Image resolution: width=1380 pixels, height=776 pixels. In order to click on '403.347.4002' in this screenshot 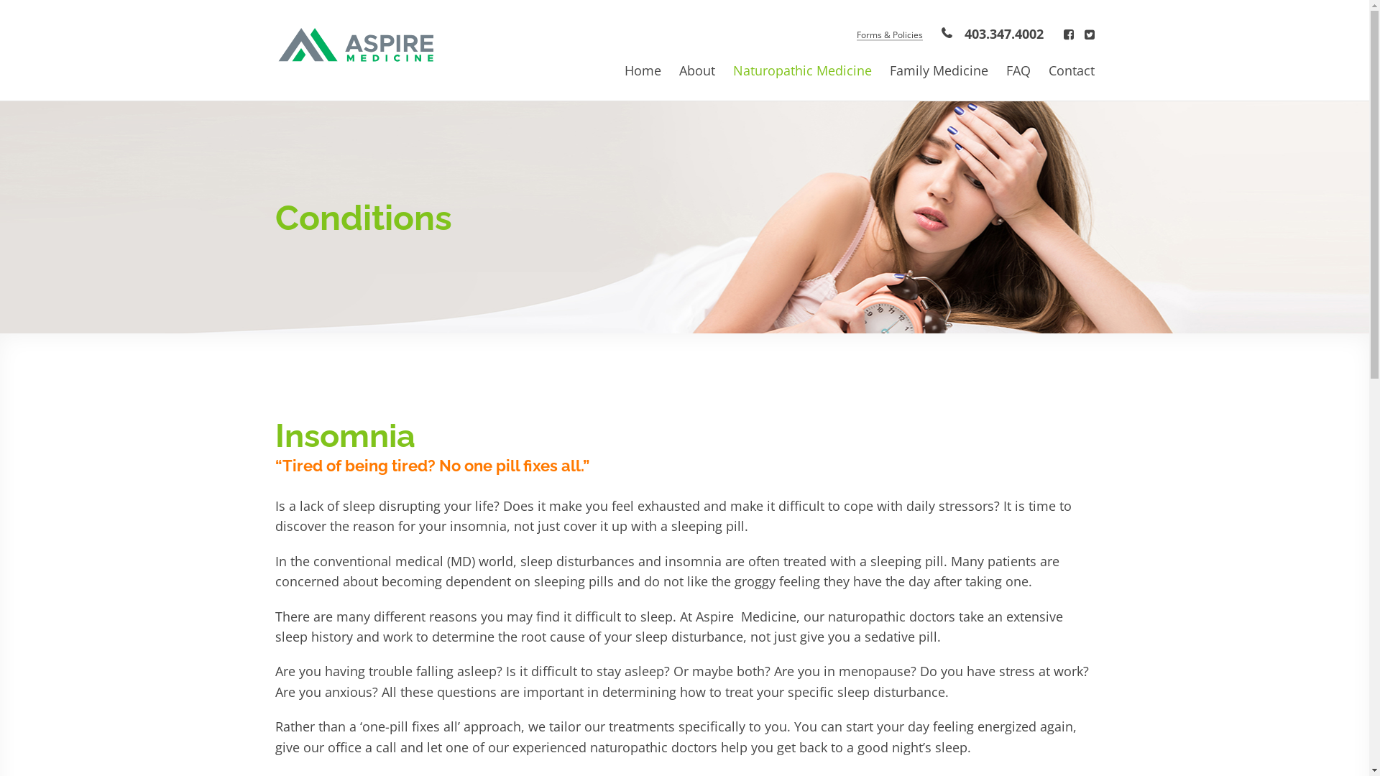, I will do `click(991, 32)`.